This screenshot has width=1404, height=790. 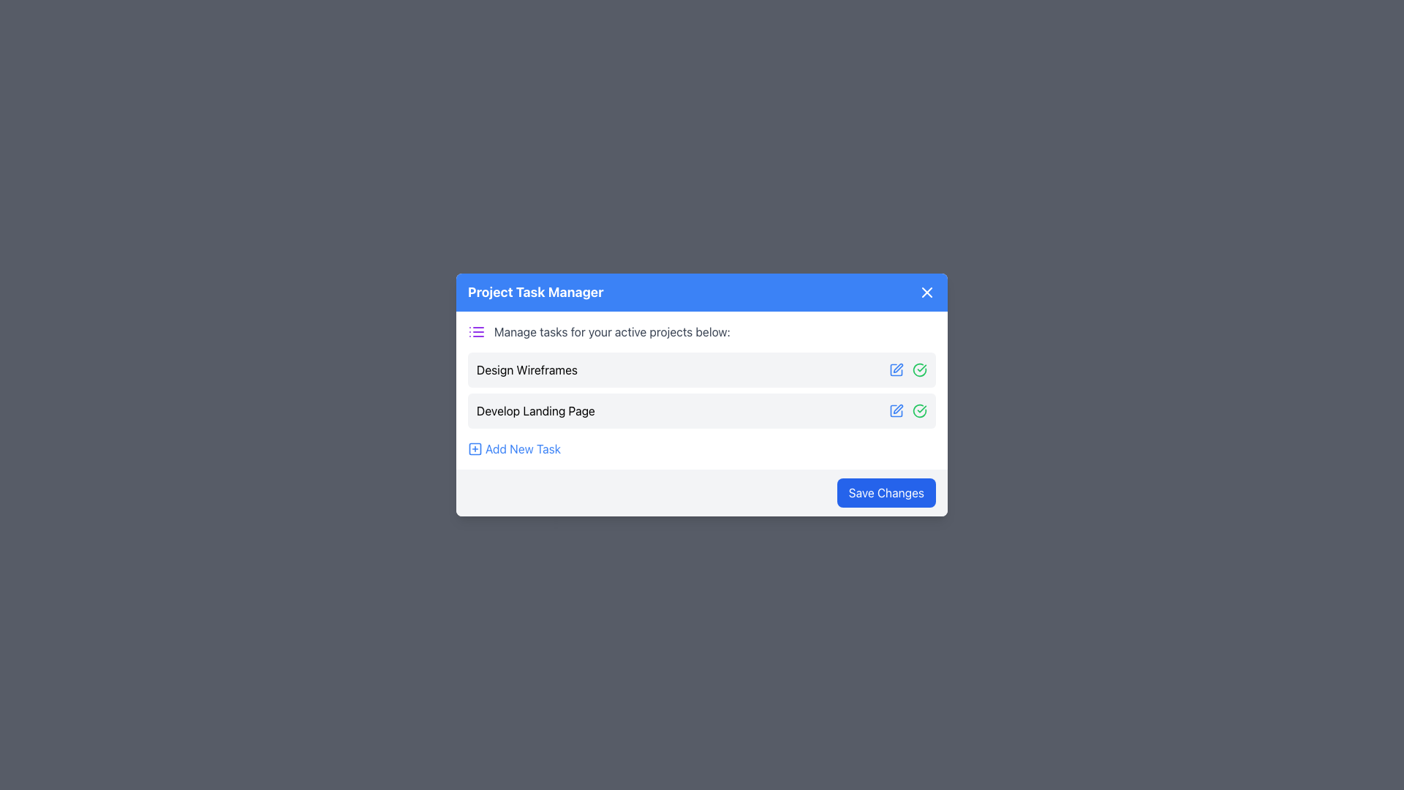 What do you see at coordinates (475, 448) in the screenshot?
I see `the square-shaped icon with a plus sign in the center, which has a white background and a thin blue border, located to the left of the text 'Add New Task'` at bounding box center [475, 448].